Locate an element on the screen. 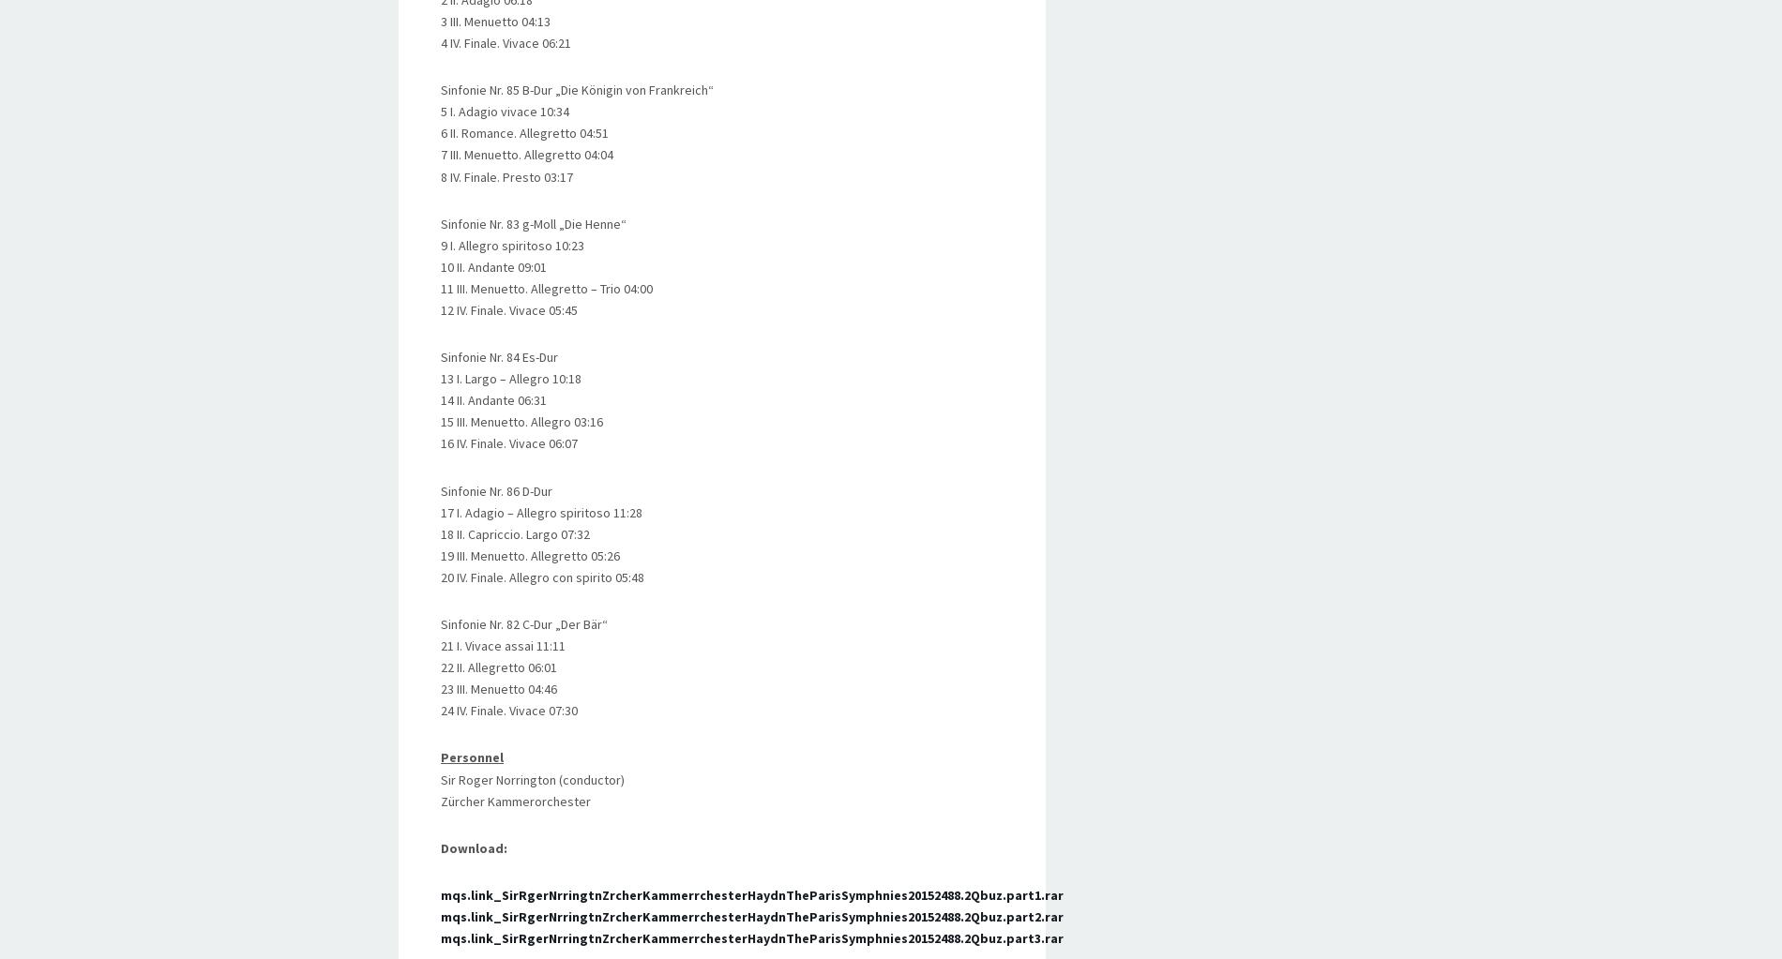  '13 I. Largo – Allegro 10:18' is located at coordinates (510, 378).